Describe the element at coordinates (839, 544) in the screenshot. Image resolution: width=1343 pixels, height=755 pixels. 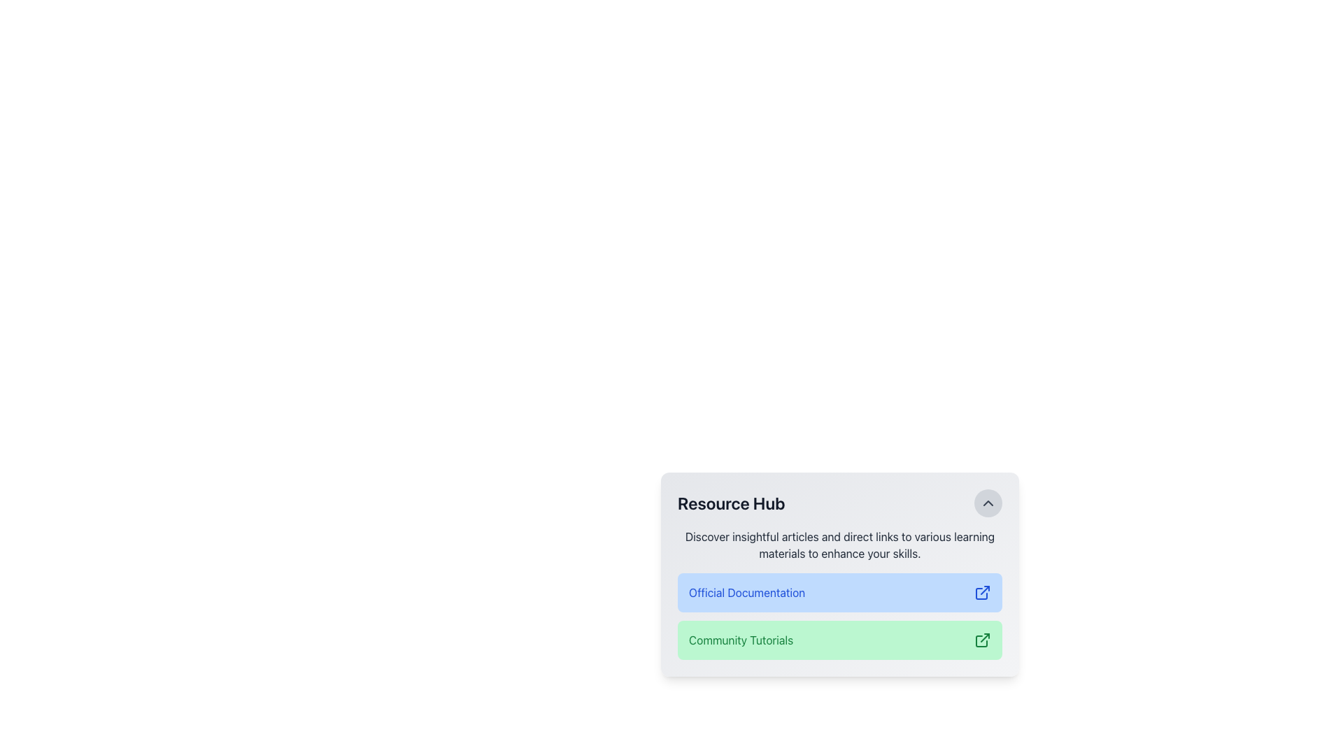
I see `the subdued gray text block containing the sentence 'Discover insightful articles and direct links to various learning materials to enhance your skills.' which is located within the 'Resource Hub' section` at that location.